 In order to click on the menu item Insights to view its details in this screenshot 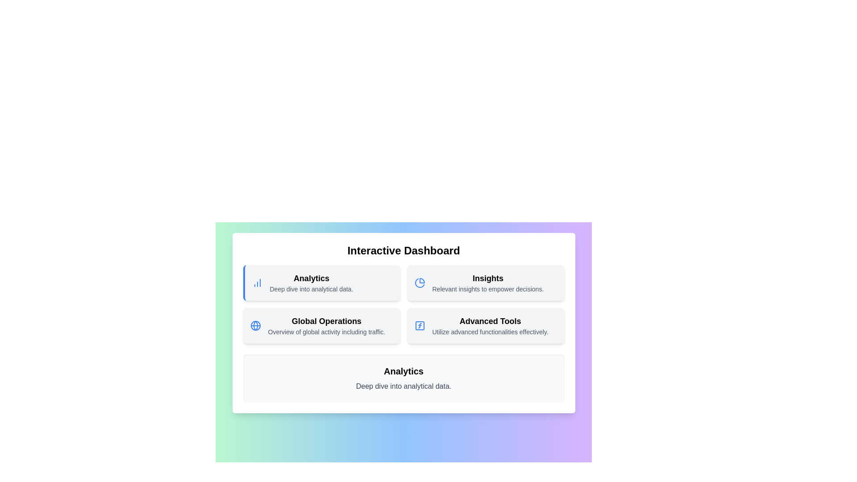, I will do `click(485, 283)`.